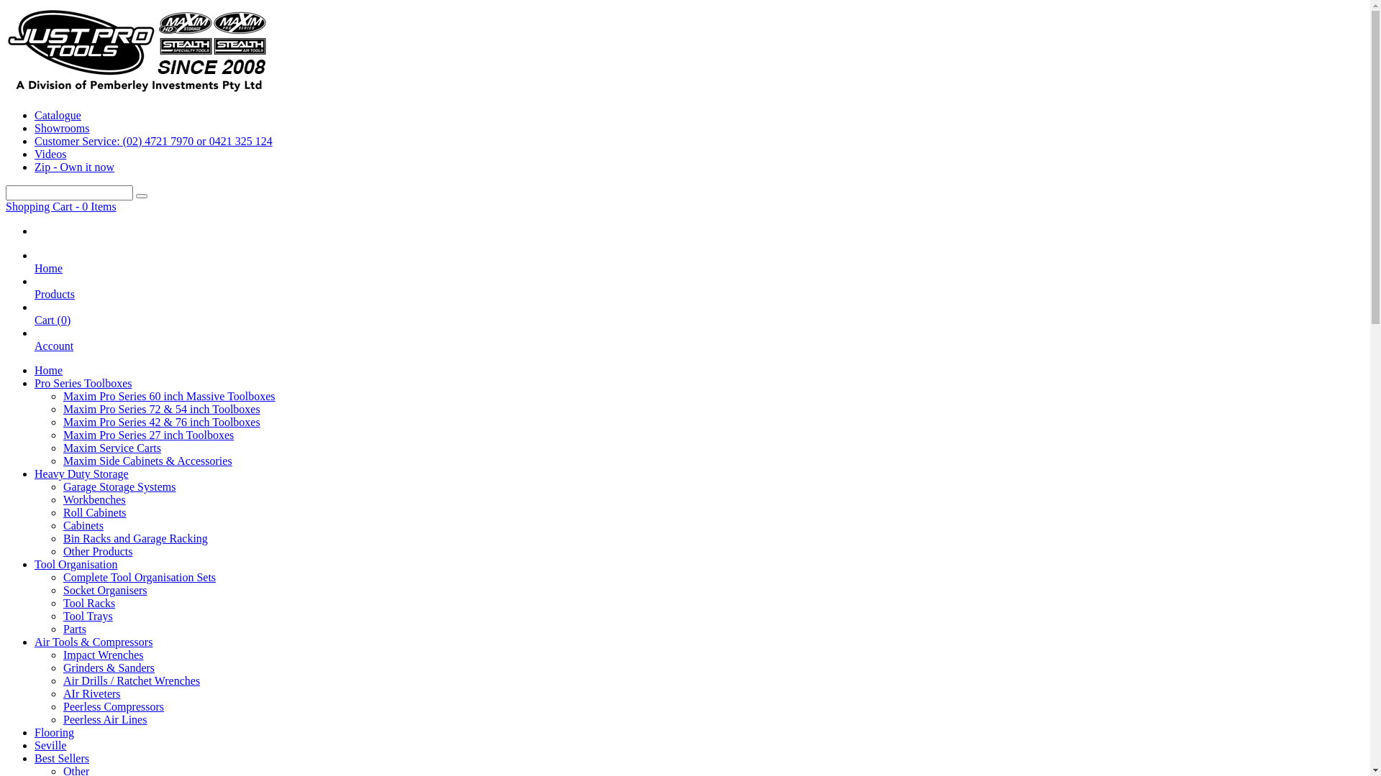 The height and width of the screenshot is (776, 1381). What do you see at coordinates (54, 352) in the screenshot?
I see `'Account'` at bounding box center [54, 352].